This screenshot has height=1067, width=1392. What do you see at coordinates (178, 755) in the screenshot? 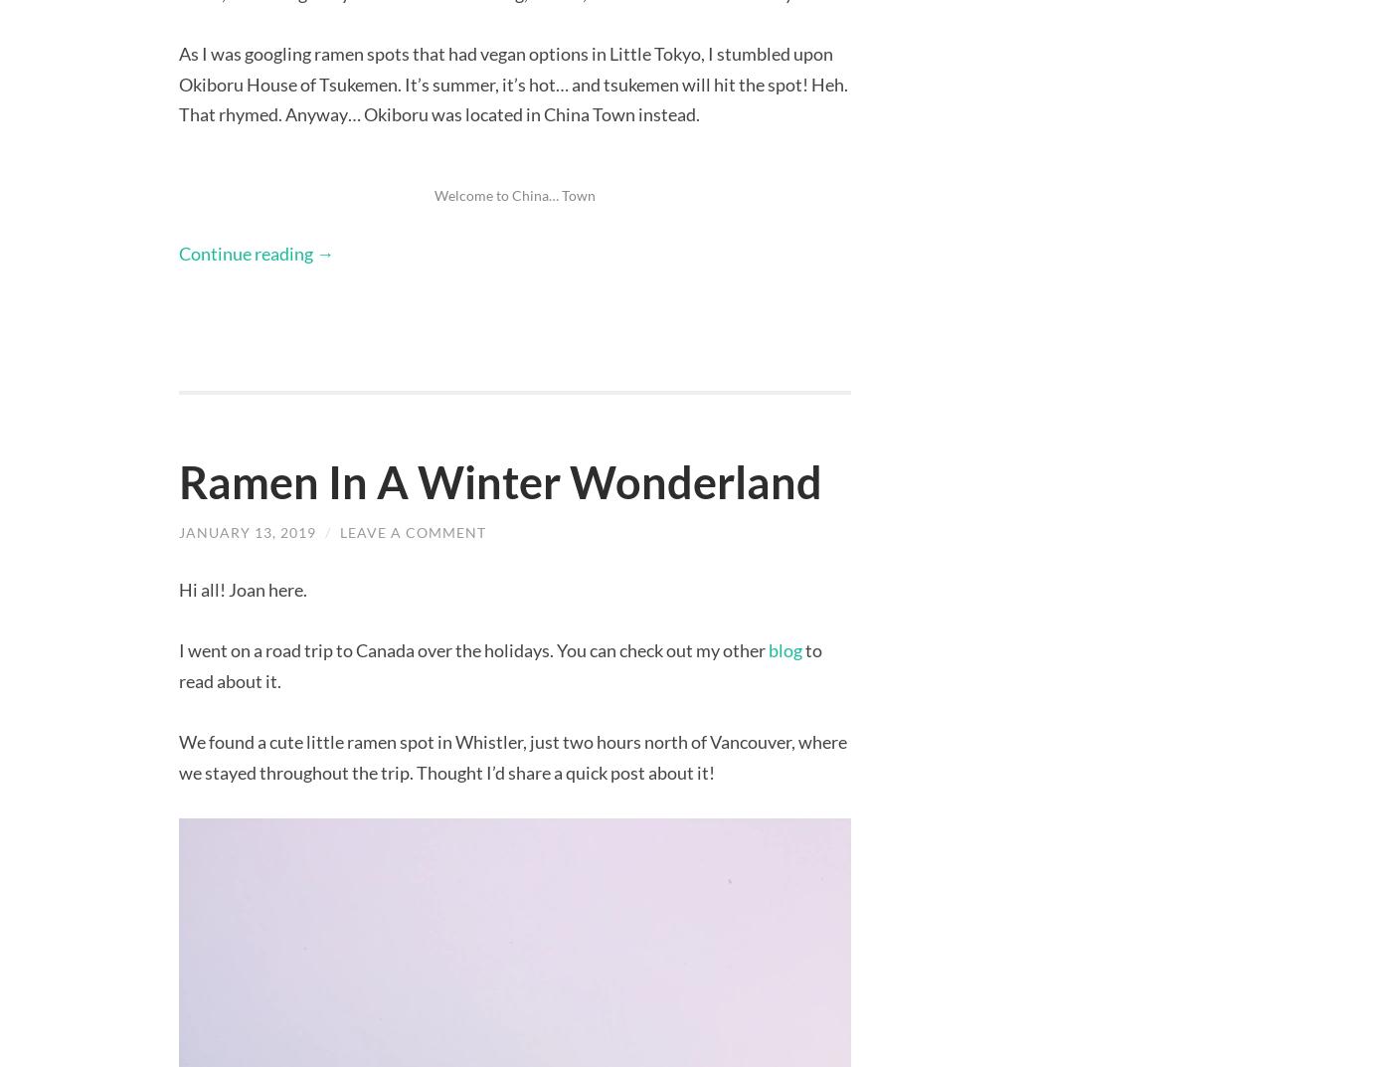
I see `'We found a cute little ramen spot in Whistler, just two hours north of Vancouver, where we stayed throughout the trip. Thought I’d share a quick post about it!'` at bounding box center [178, 755].